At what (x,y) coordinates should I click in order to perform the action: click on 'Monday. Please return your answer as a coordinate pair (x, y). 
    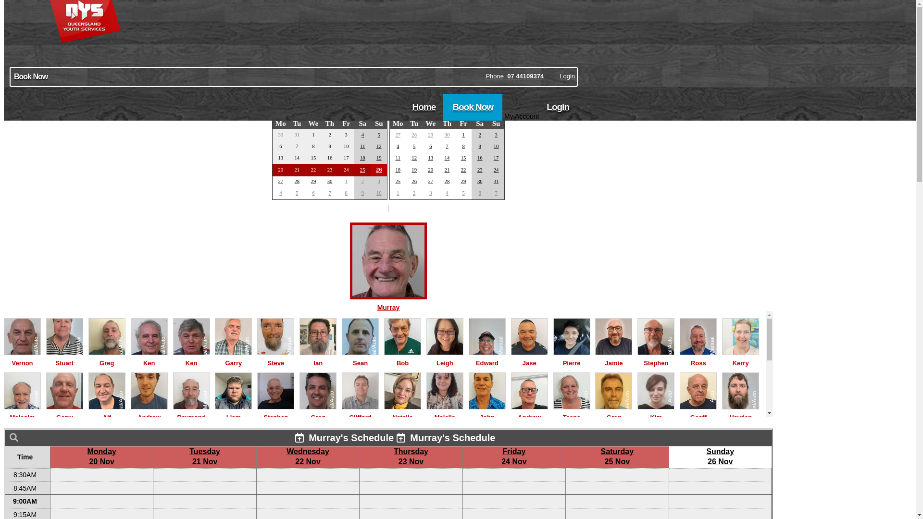
    Looking at the image, I should click on (101, 456).